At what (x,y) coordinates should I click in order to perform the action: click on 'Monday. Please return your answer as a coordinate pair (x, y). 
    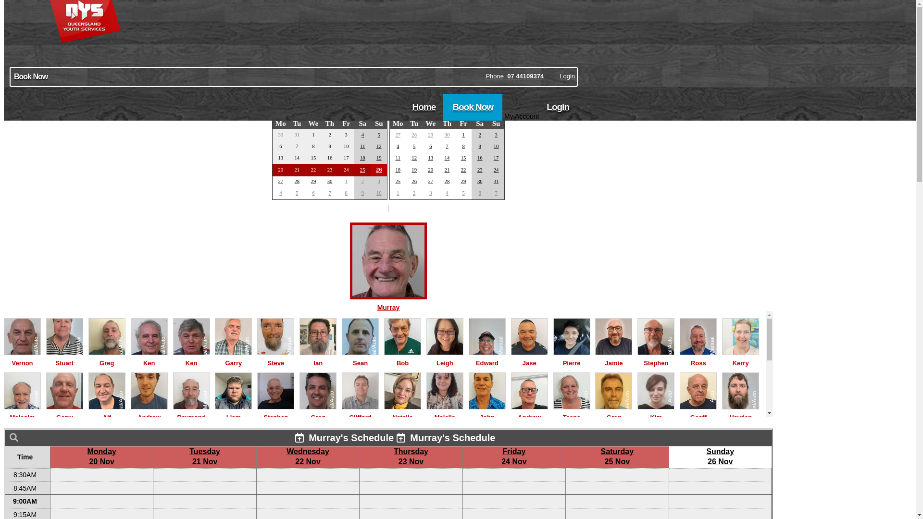
    Looking at the image, I should click on (101, 456).